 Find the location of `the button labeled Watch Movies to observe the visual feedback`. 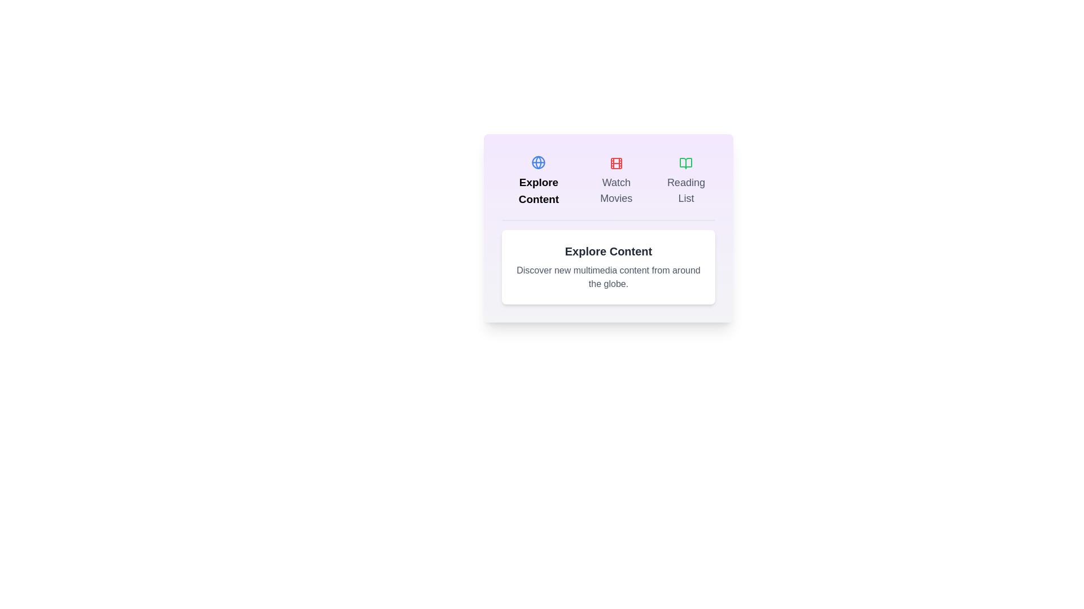

the button labeled Watch Movies to observe the visual feedback is located at coordinates (615, 180).